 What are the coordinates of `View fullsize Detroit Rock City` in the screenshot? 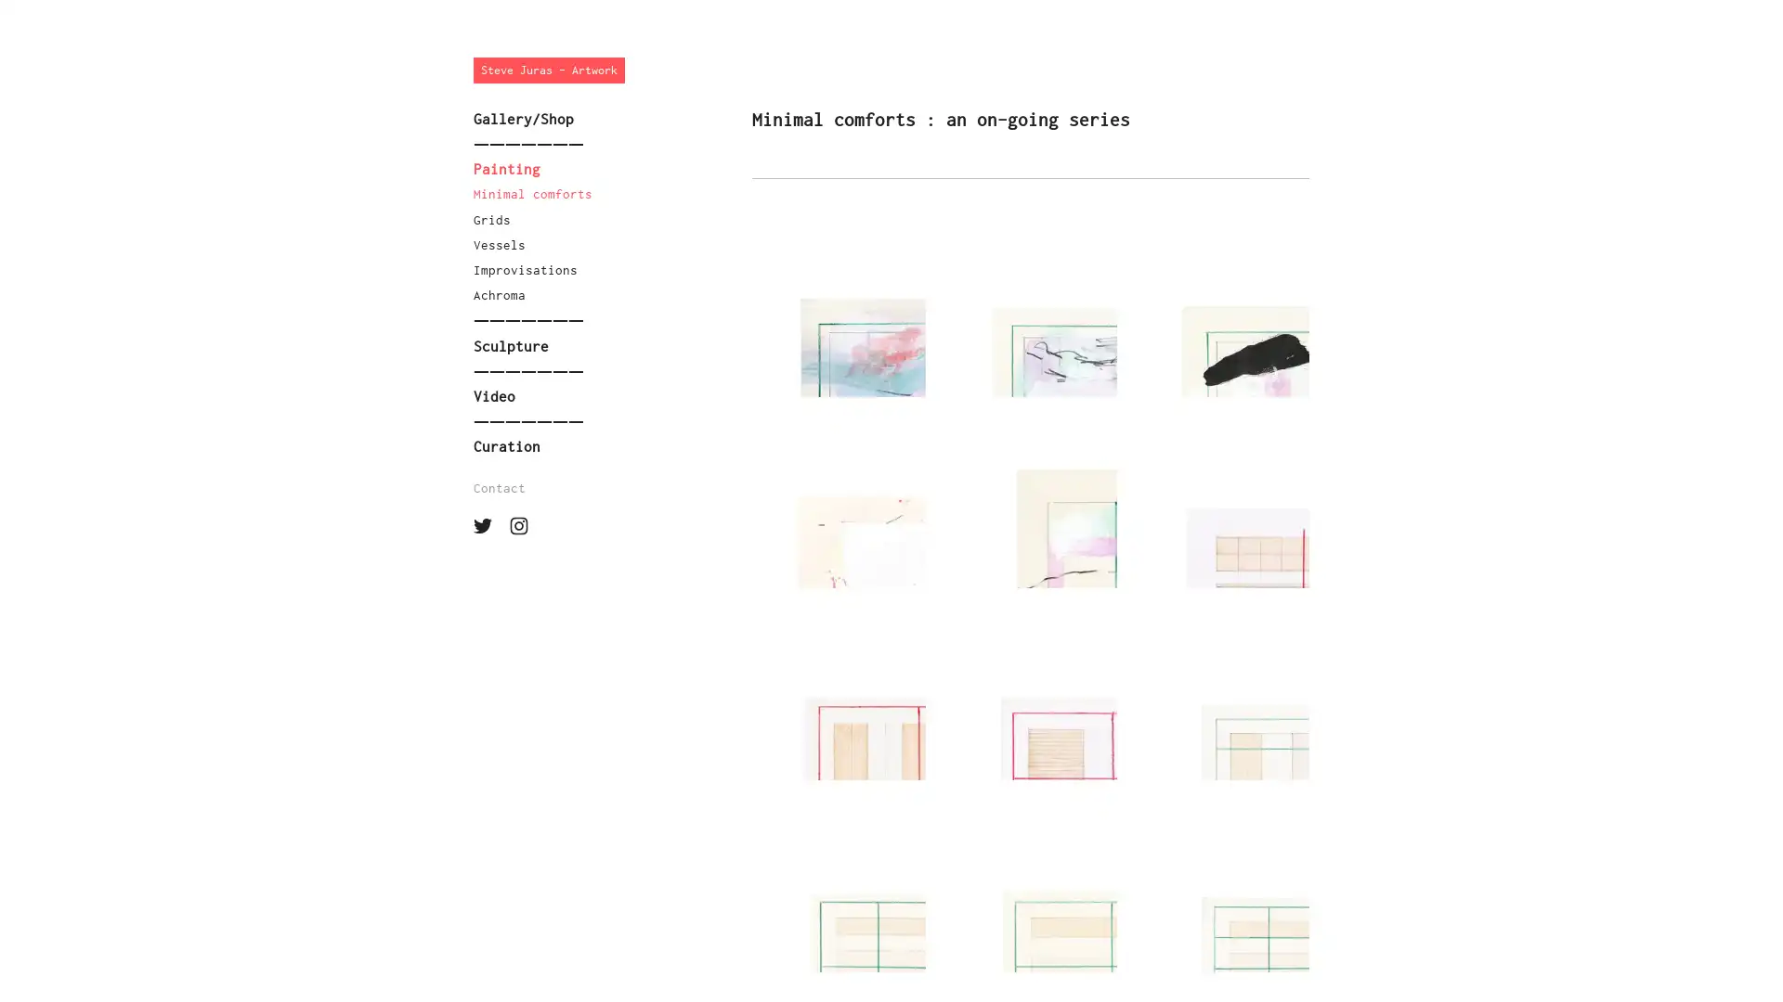 It's located at (1221, 709).